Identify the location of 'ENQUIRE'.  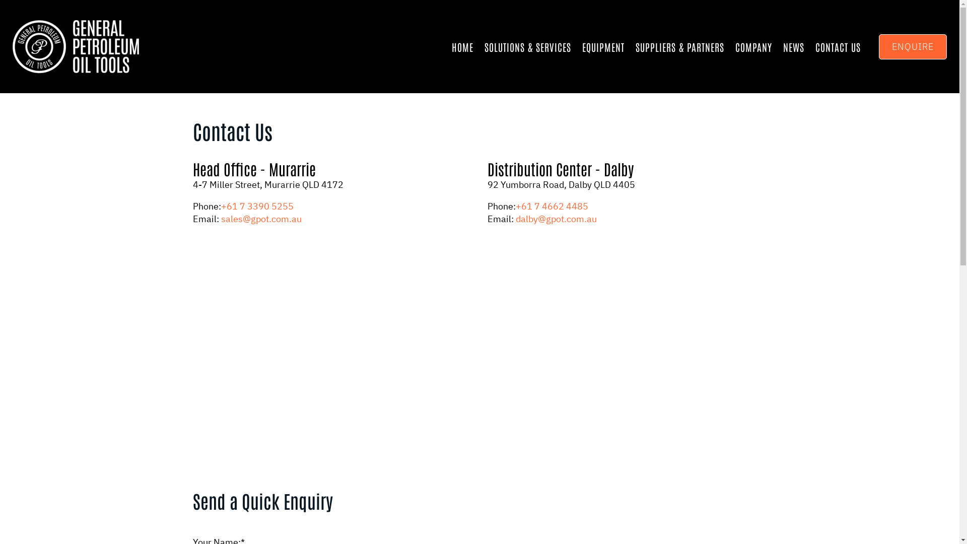
(913, 46).